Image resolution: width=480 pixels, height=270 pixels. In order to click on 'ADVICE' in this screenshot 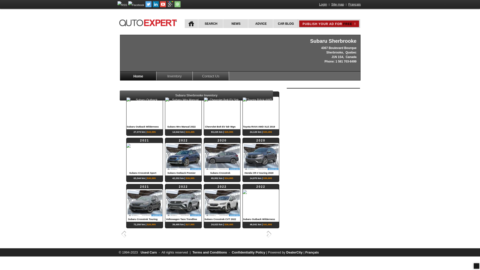, I will do `click(260, 23)`.